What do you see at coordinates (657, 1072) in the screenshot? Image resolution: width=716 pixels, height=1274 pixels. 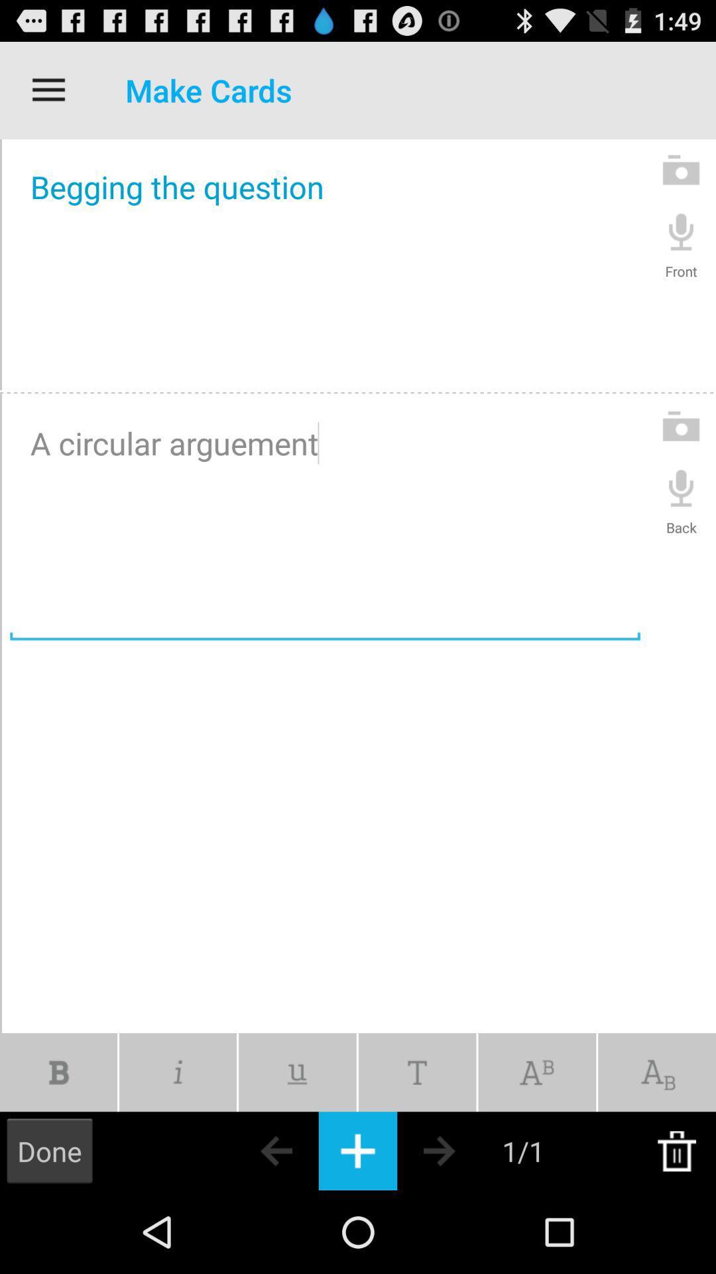 I see `ab font which is at bottom first right side of the page` at bounding box center [657, 1072].